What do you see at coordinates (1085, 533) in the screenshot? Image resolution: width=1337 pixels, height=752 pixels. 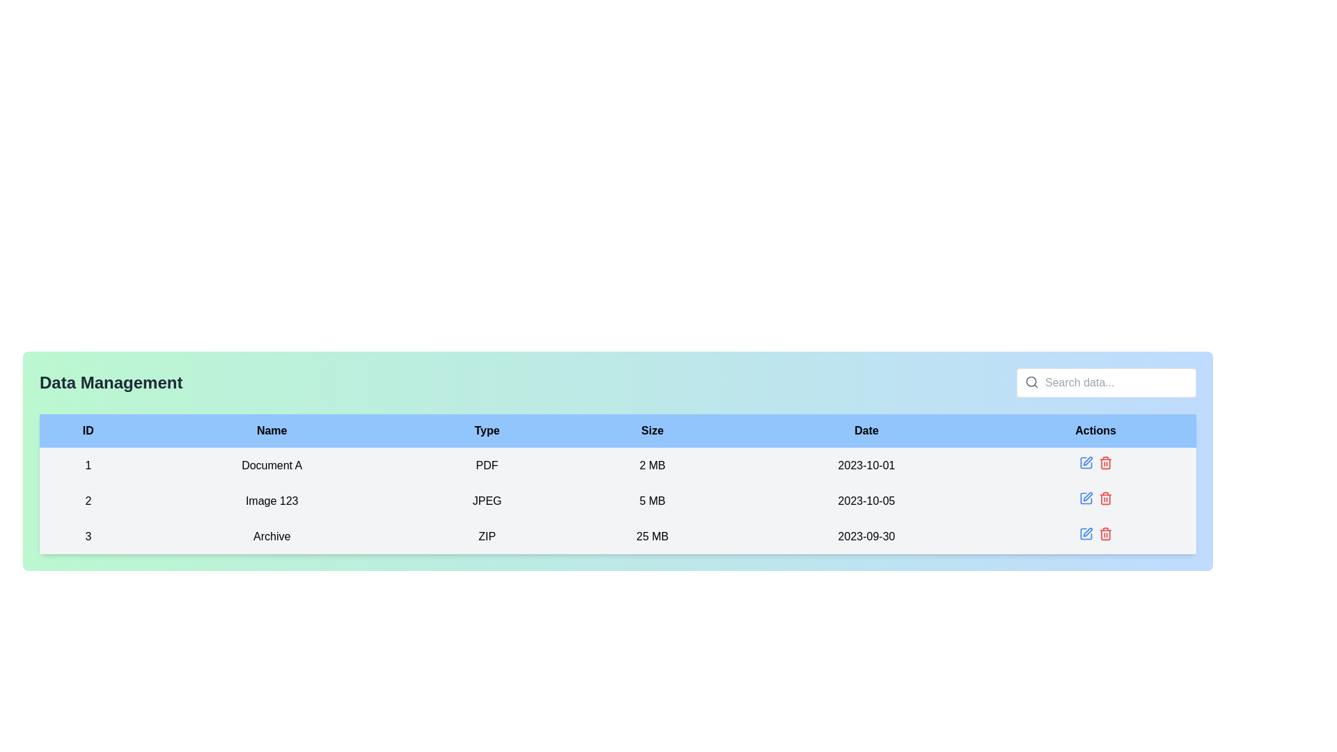 I see `the 'Edit' icon, which is a square graphical icon with a line indicating a document, located in the 'Actions' column of the data table for the third row corresponding to the 'Archive' entry` at bounding box center [1085, 533].